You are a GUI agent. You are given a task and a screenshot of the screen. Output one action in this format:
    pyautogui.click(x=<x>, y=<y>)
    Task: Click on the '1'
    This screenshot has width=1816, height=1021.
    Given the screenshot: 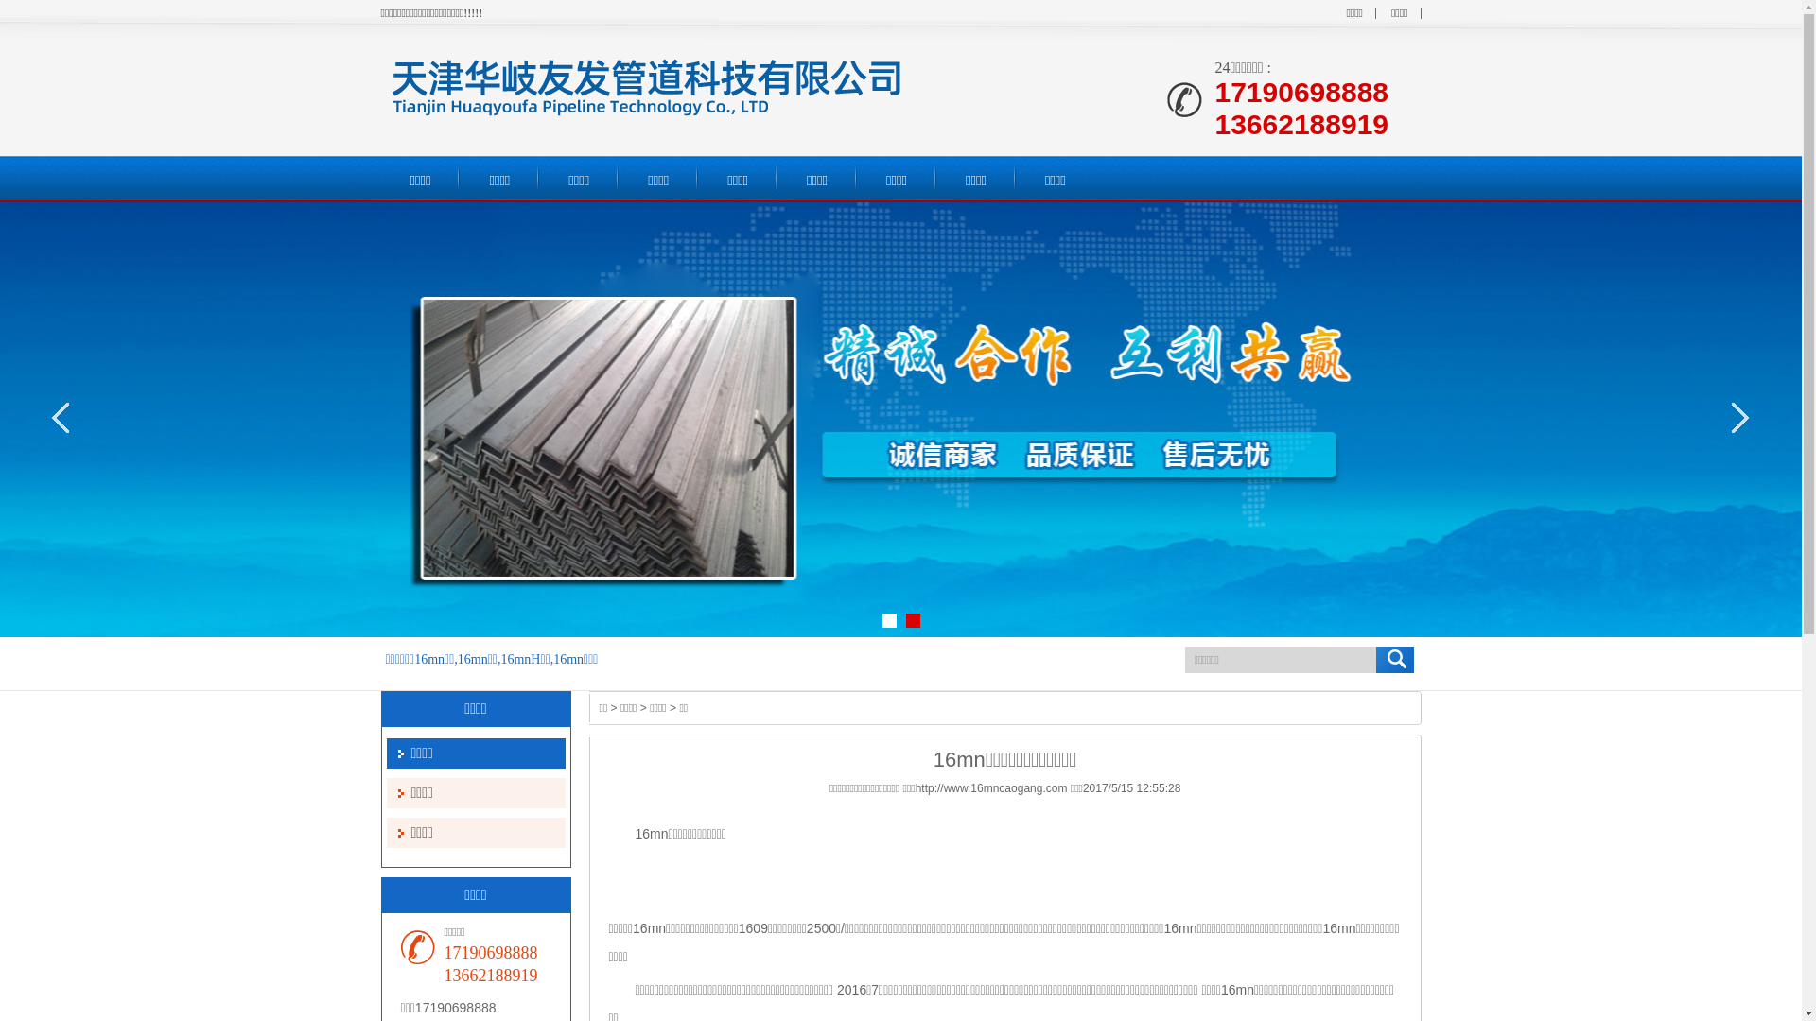 What is the action you would take?
    pyautogui.click(x=887, y=620)
    